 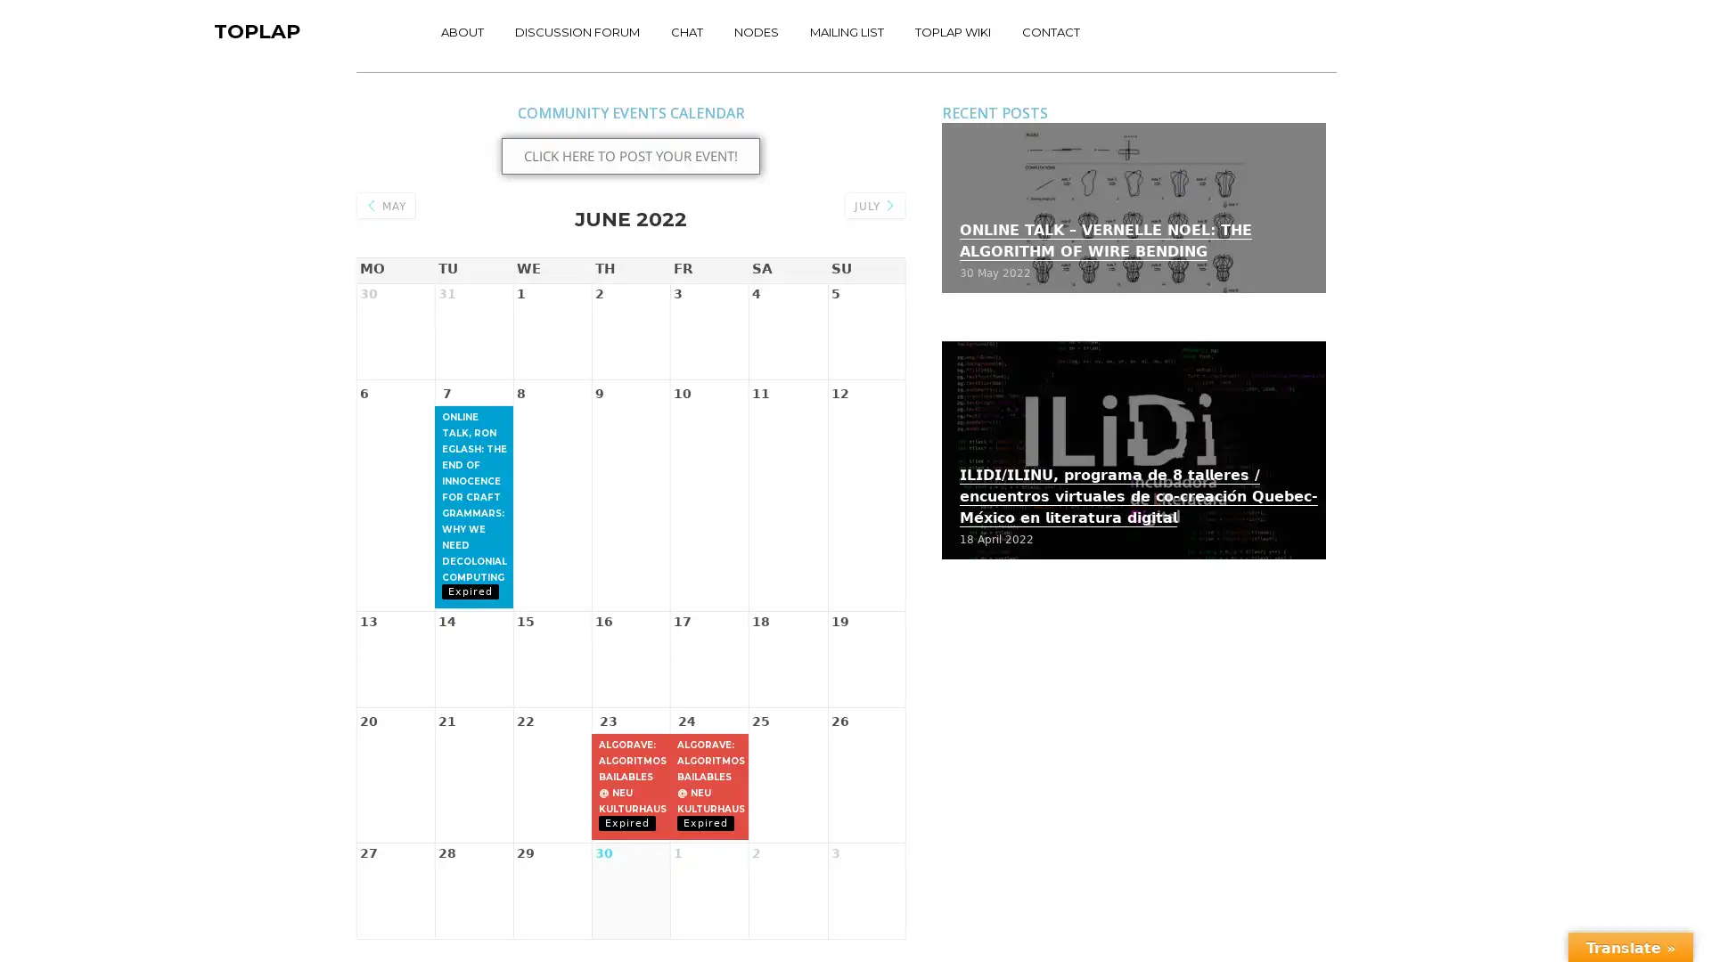 I want to click on CLICK HERE TO POST YOUR EVENT!, so click(x=631, y=155).